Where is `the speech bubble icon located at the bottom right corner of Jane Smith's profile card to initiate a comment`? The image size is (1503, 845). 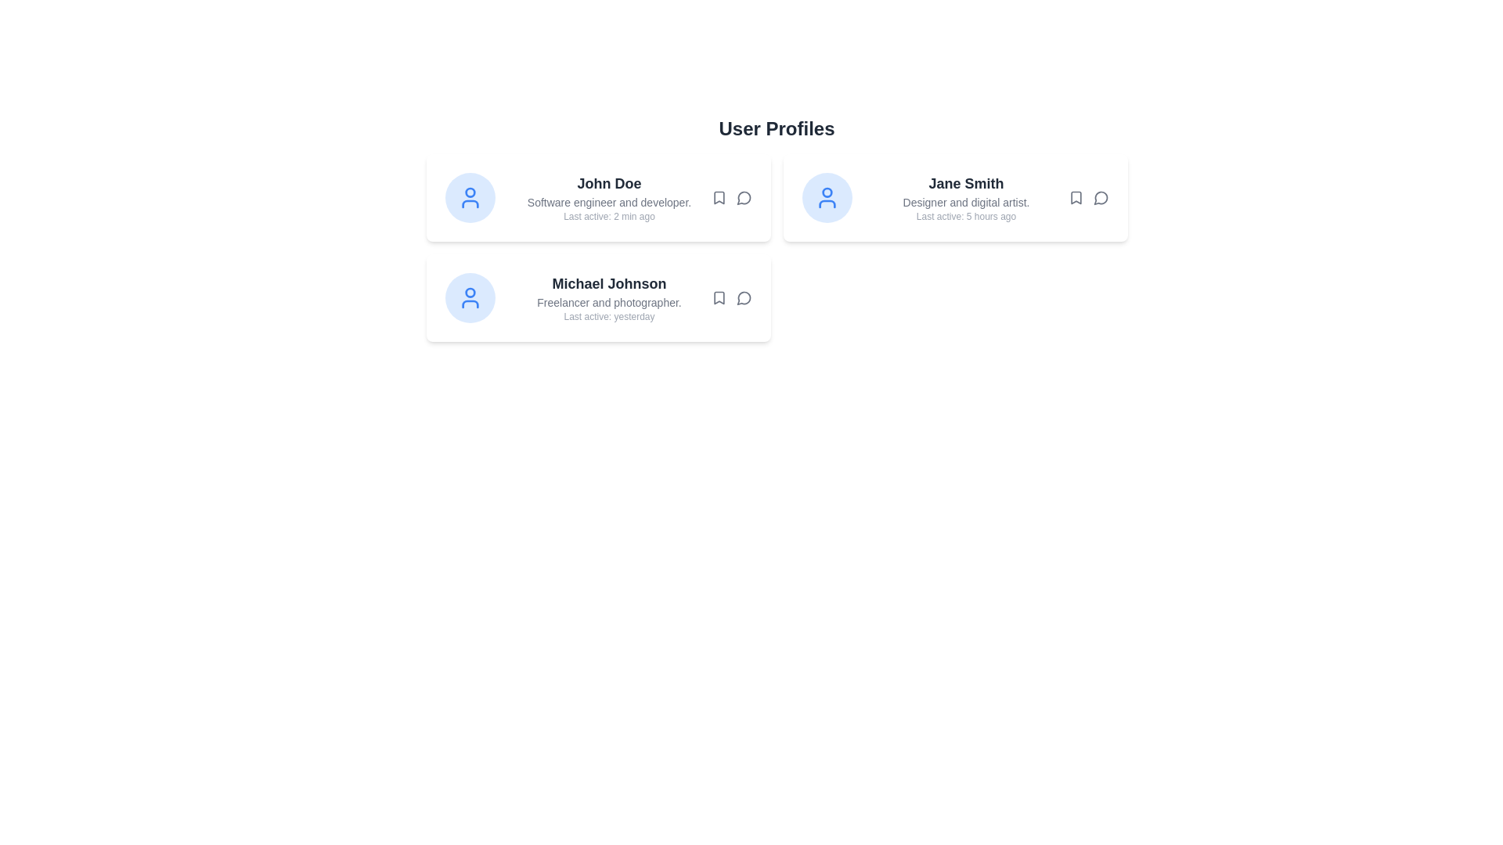
the speech bubble icon located at the bottom right corner of Jane Smith's profile card to initiate a comment is located at coordinates (1087, 197).